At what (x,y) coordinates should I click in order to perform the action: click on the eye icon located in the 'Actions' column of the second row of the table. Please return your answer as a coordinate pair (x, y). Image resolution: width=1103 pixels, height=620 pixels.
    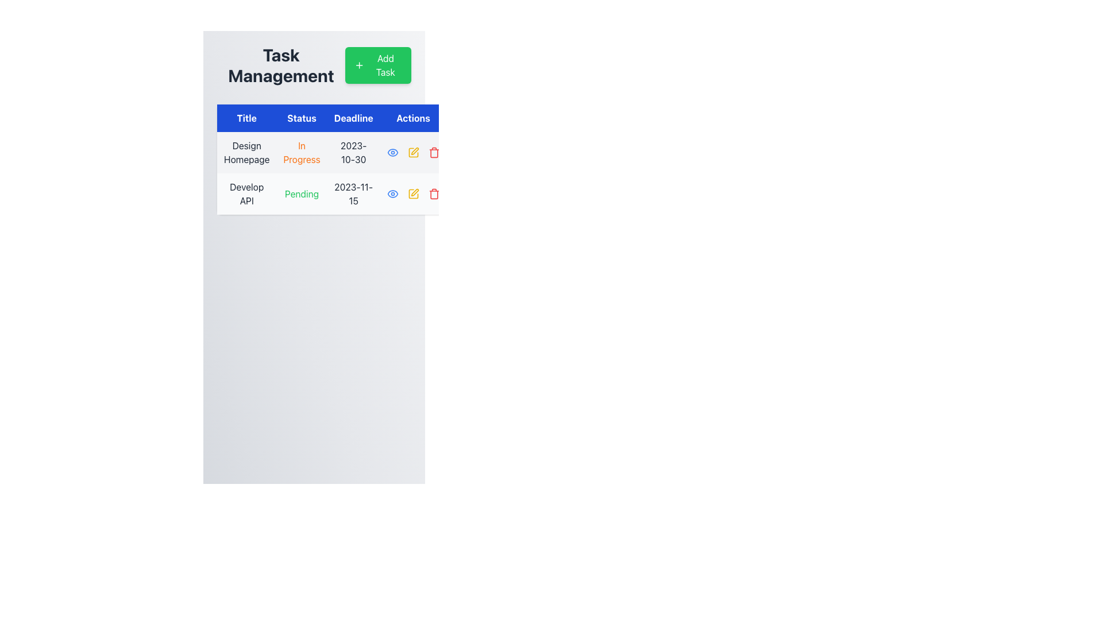
    Looking at the image, I should click on (392, 152).